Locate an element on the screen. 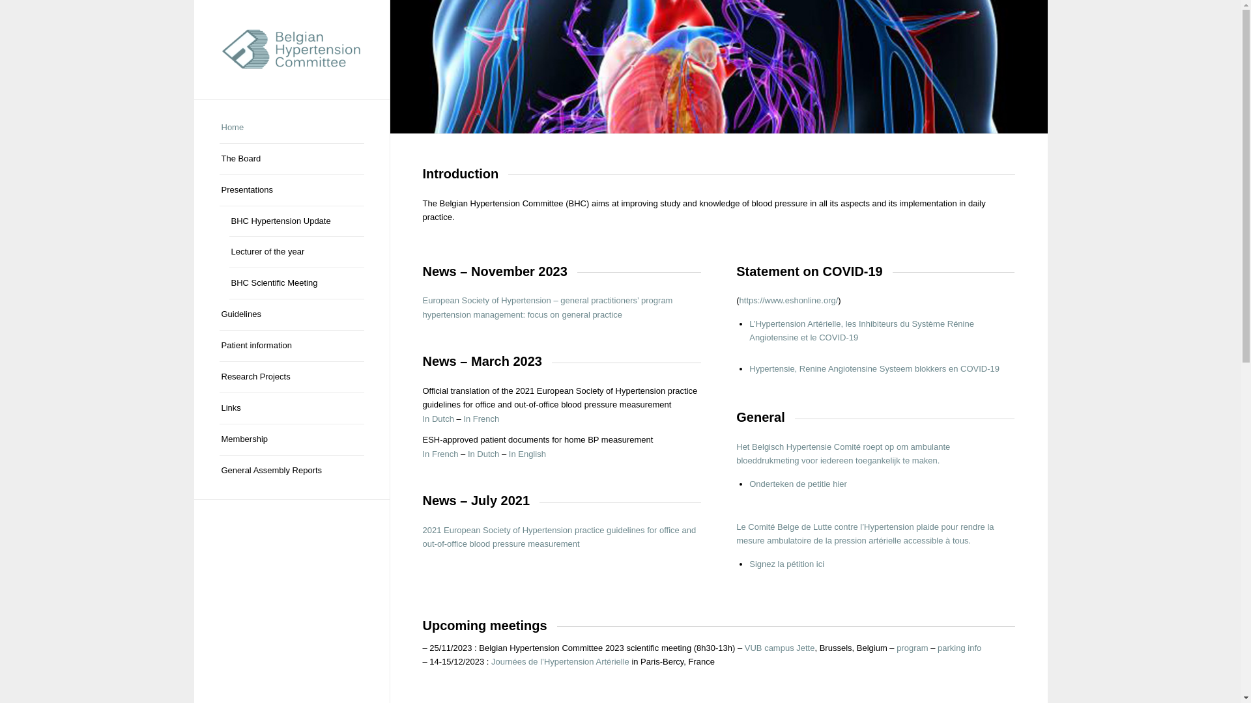 This screenshot has width=1251, height=703. 'General Assembly Reports' is located at coordinates (290, 471).